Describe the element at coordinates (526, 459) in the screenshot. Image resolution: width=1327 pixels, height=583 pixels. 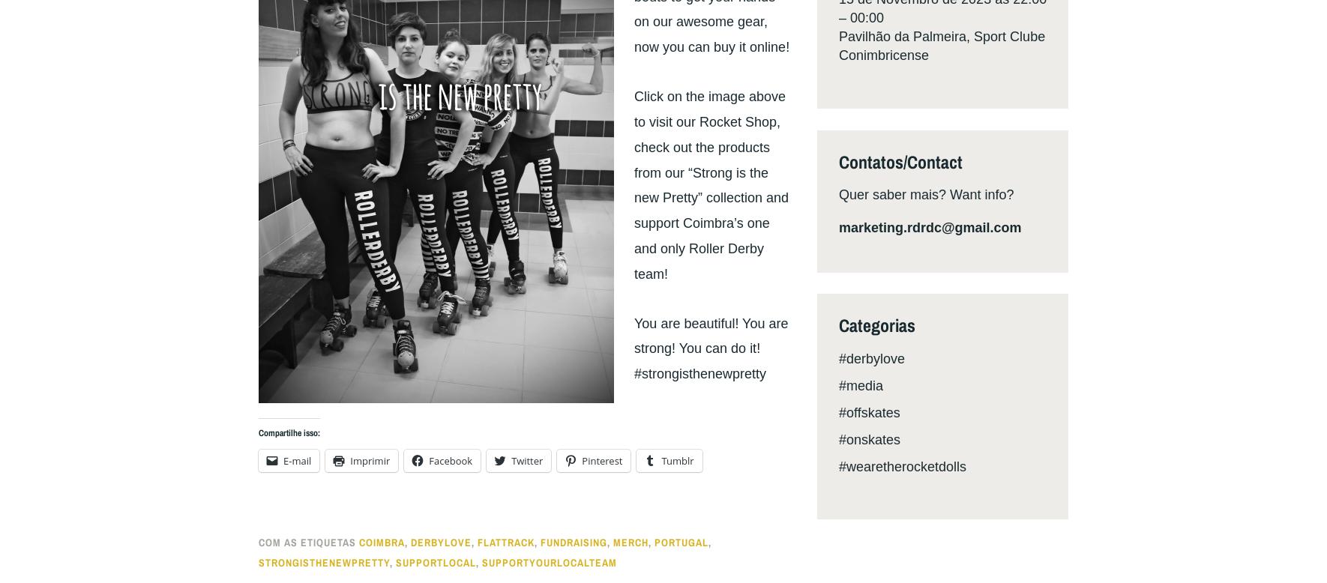
I see `'Twitter'` at that location.